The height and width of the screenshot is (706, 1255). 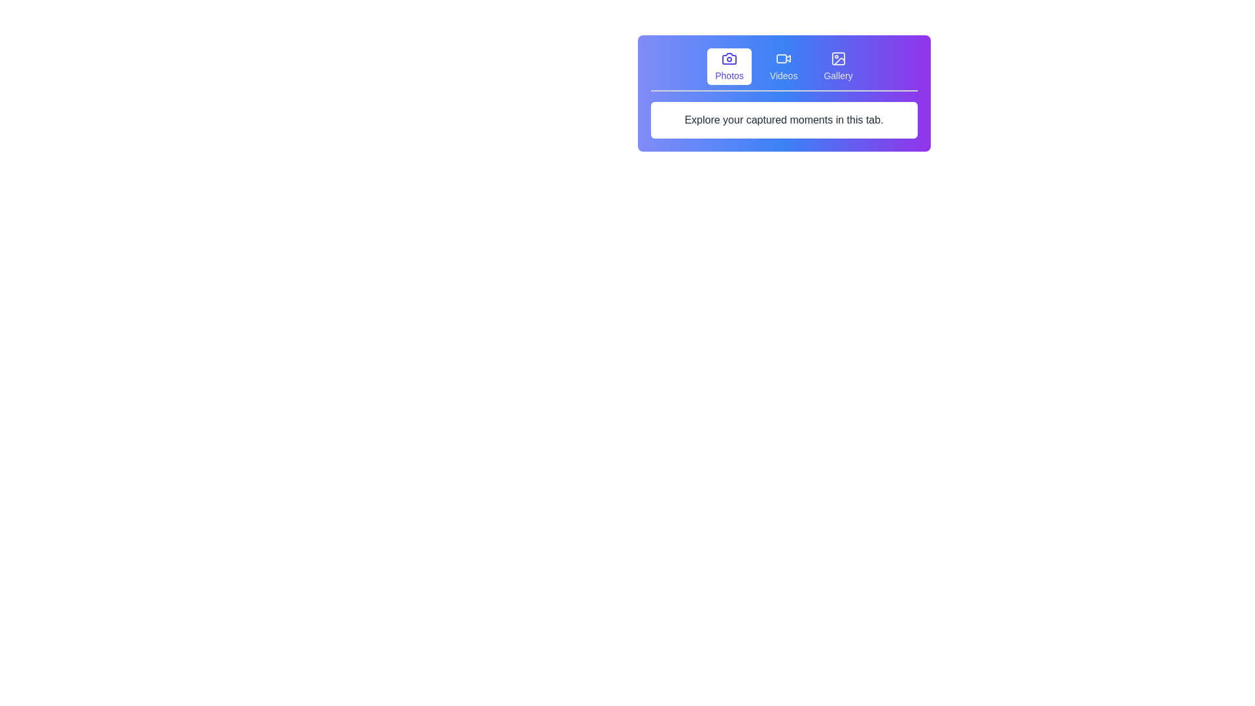 I want to click on the text label displaying 'Videos', which is part of a horizontal menu located beneath a video camera icon and positioned at the top center of the interface, so click(x=784, y=75).